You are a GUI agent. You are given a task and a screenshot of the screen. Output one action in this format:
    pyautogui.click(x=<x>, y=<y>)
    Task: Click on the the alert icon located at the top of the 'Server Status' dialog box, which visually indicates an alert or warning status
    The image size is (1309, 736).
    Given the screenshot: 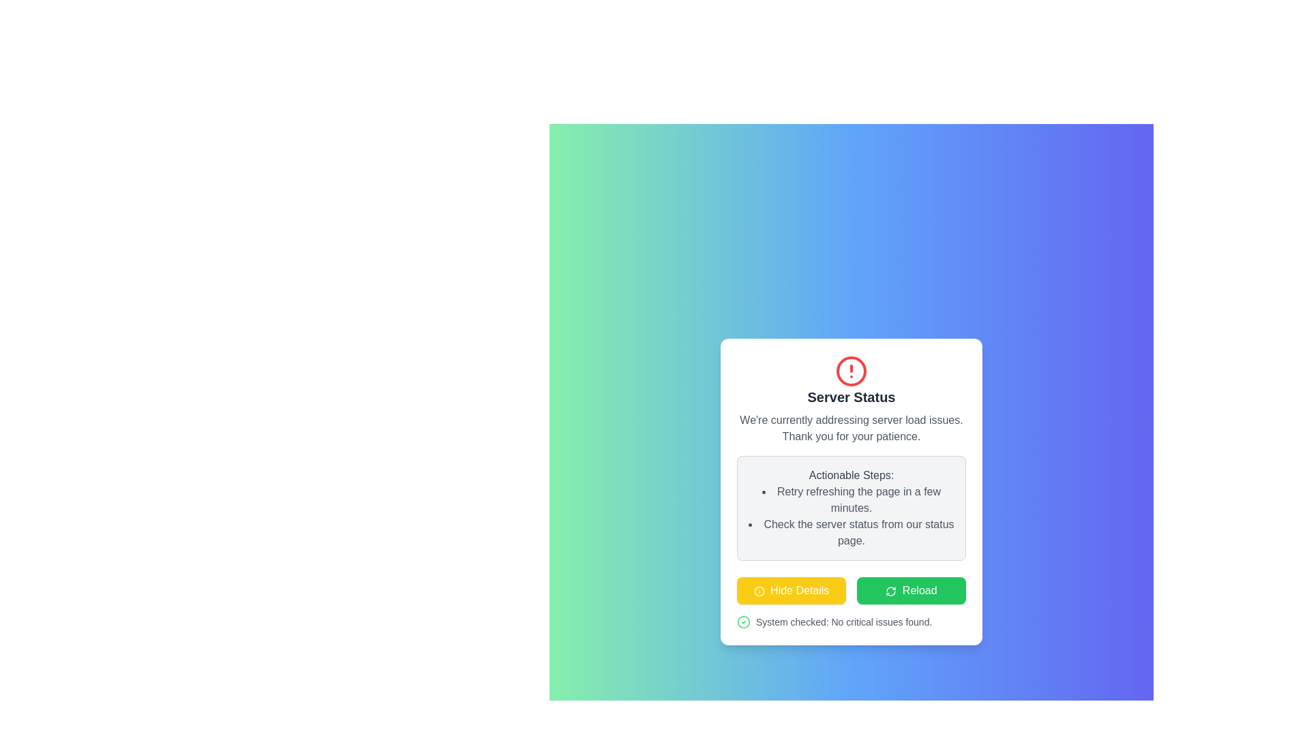 What is the action you would take?
    pyautogui.click(x=850, y=371)
    